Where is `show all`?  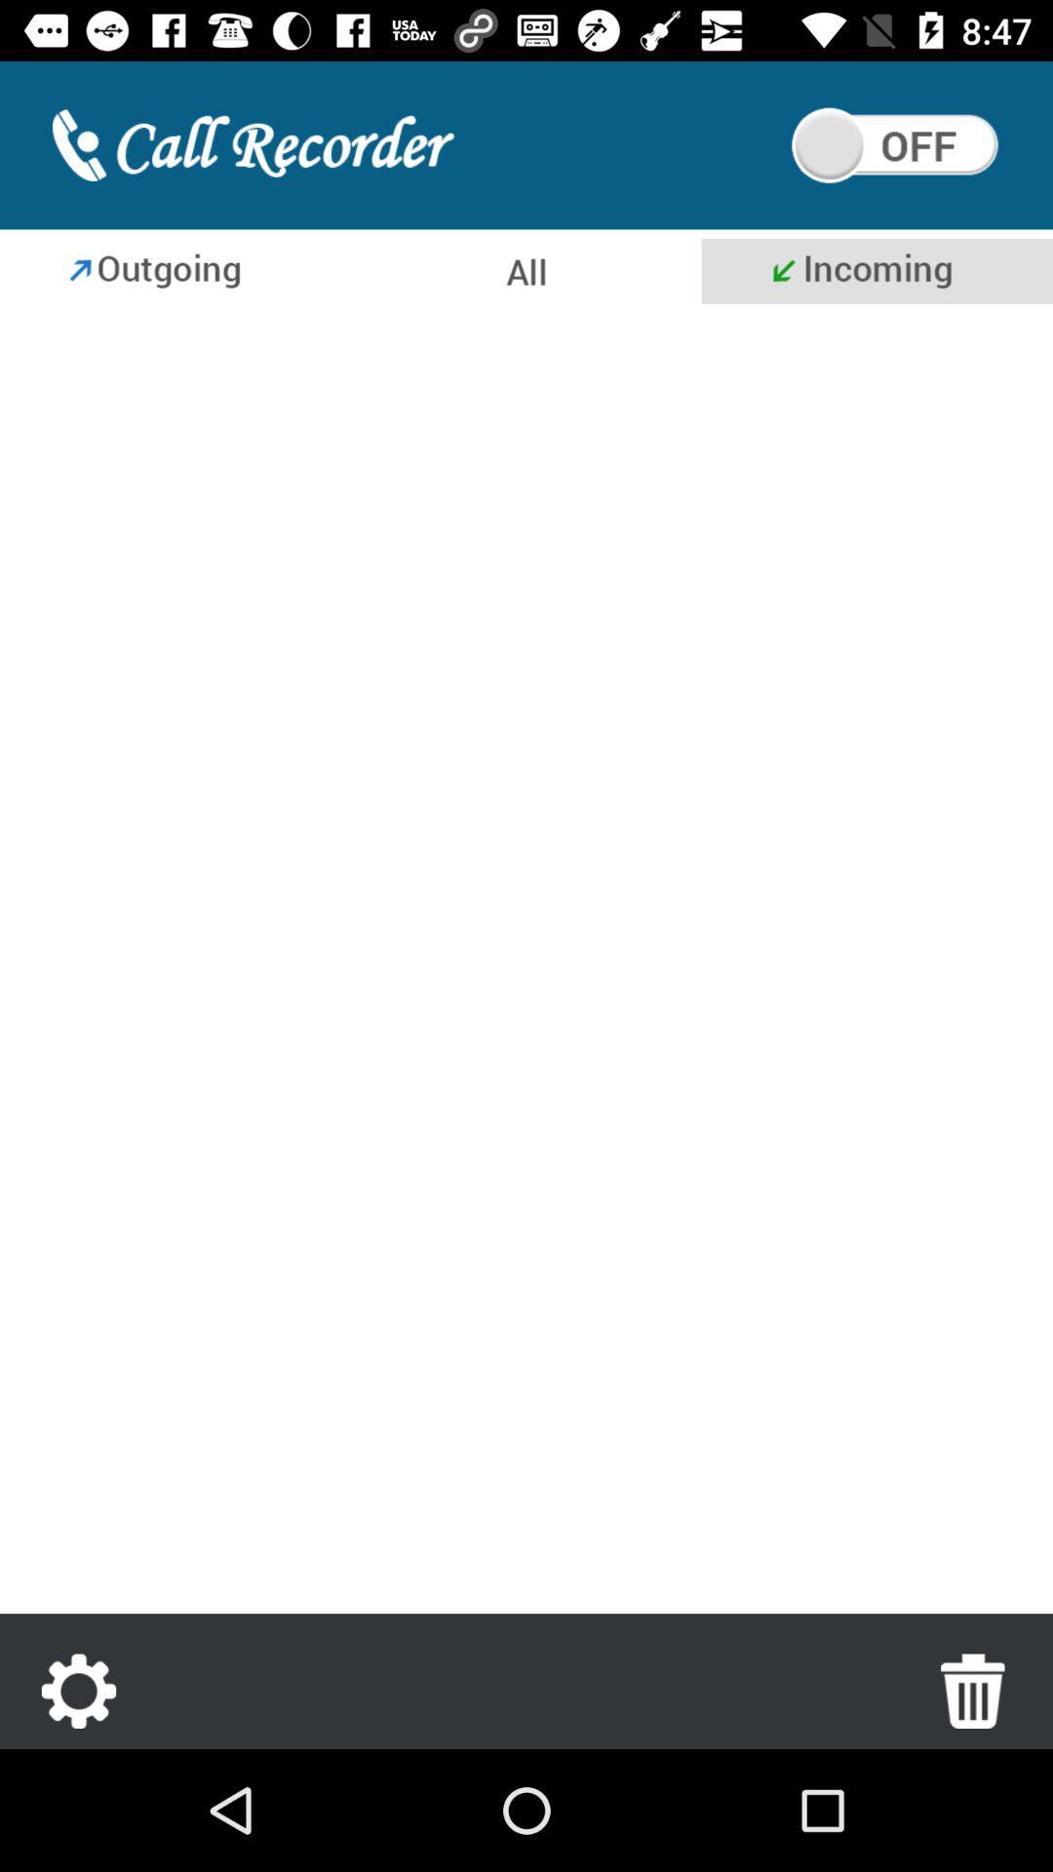 show all is located at coordinates (524, 270).